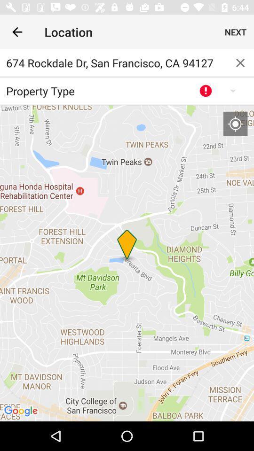  Describe the element at coordinates (17, 32) in the screenshot. I see `the icon above the 674 rockdale dr` at that location.